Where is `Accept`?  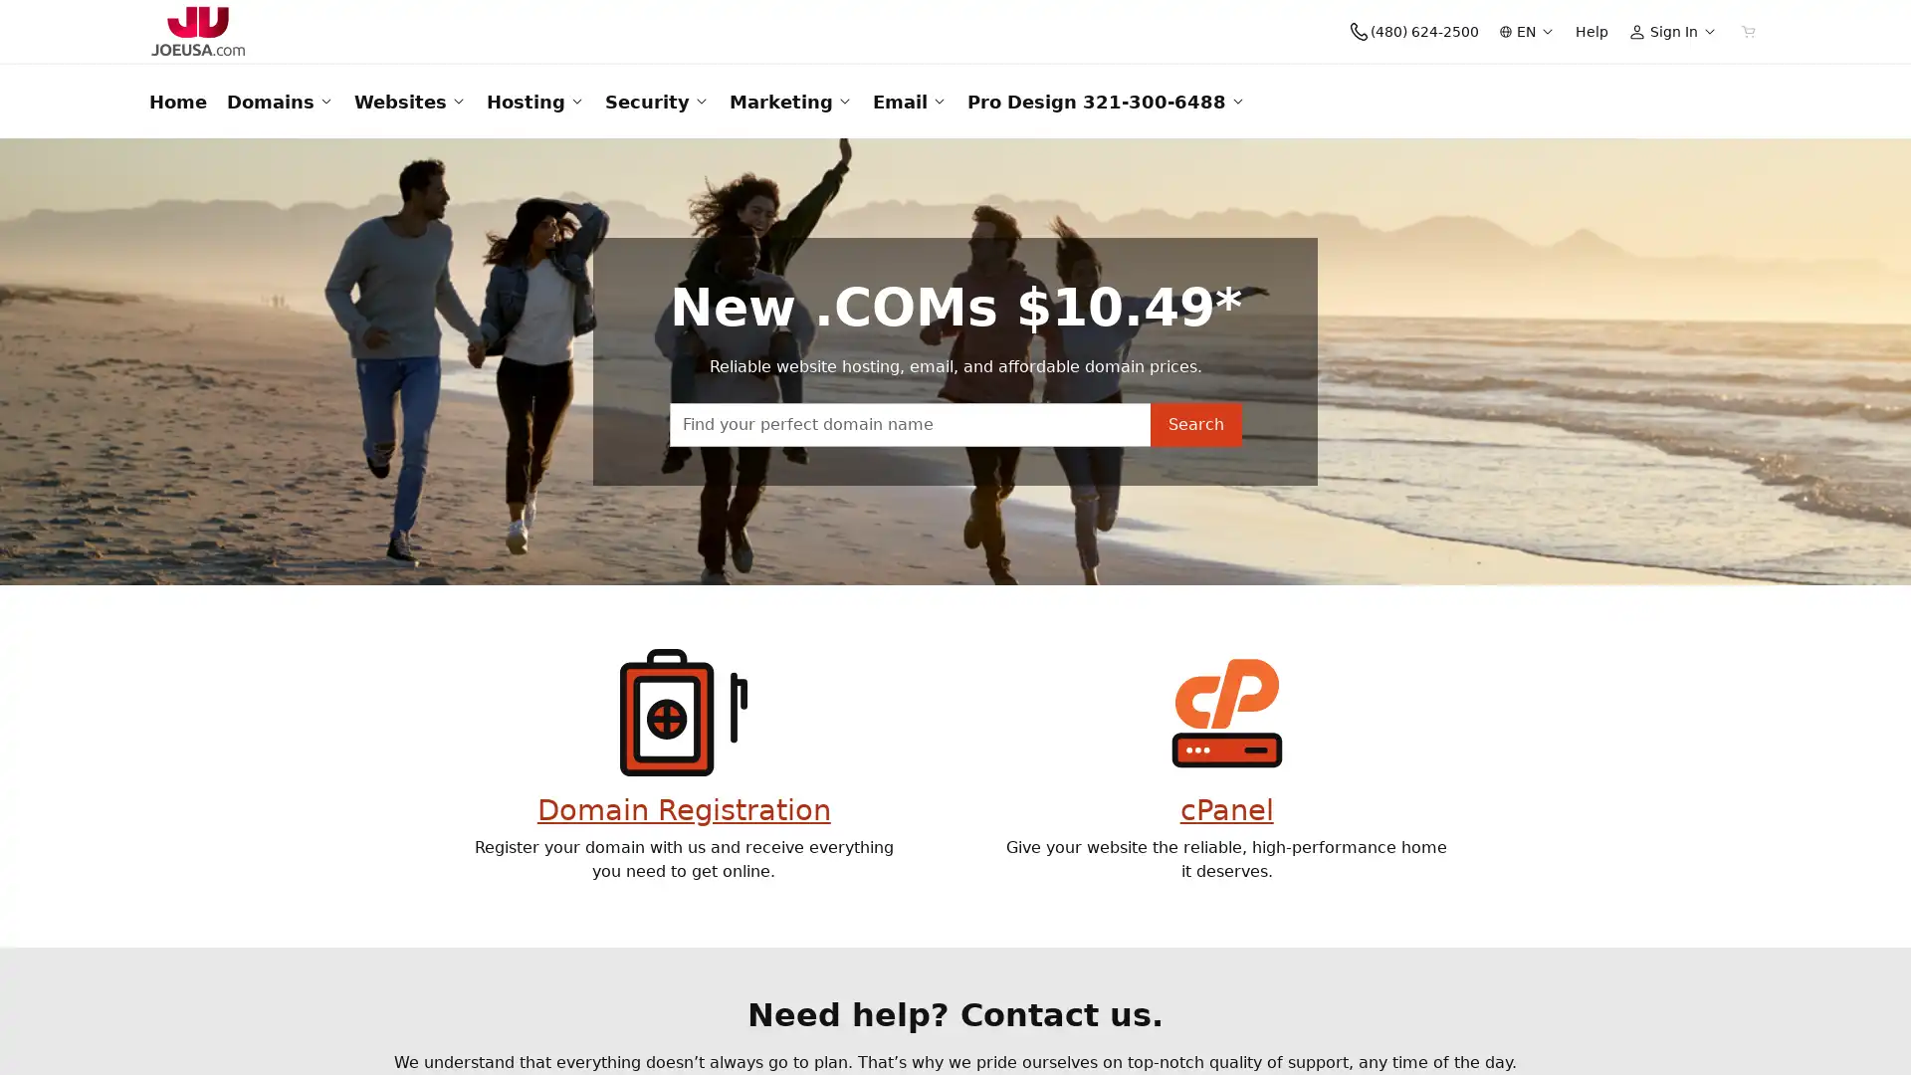
Accept is located at coordinates (1421, 1028).